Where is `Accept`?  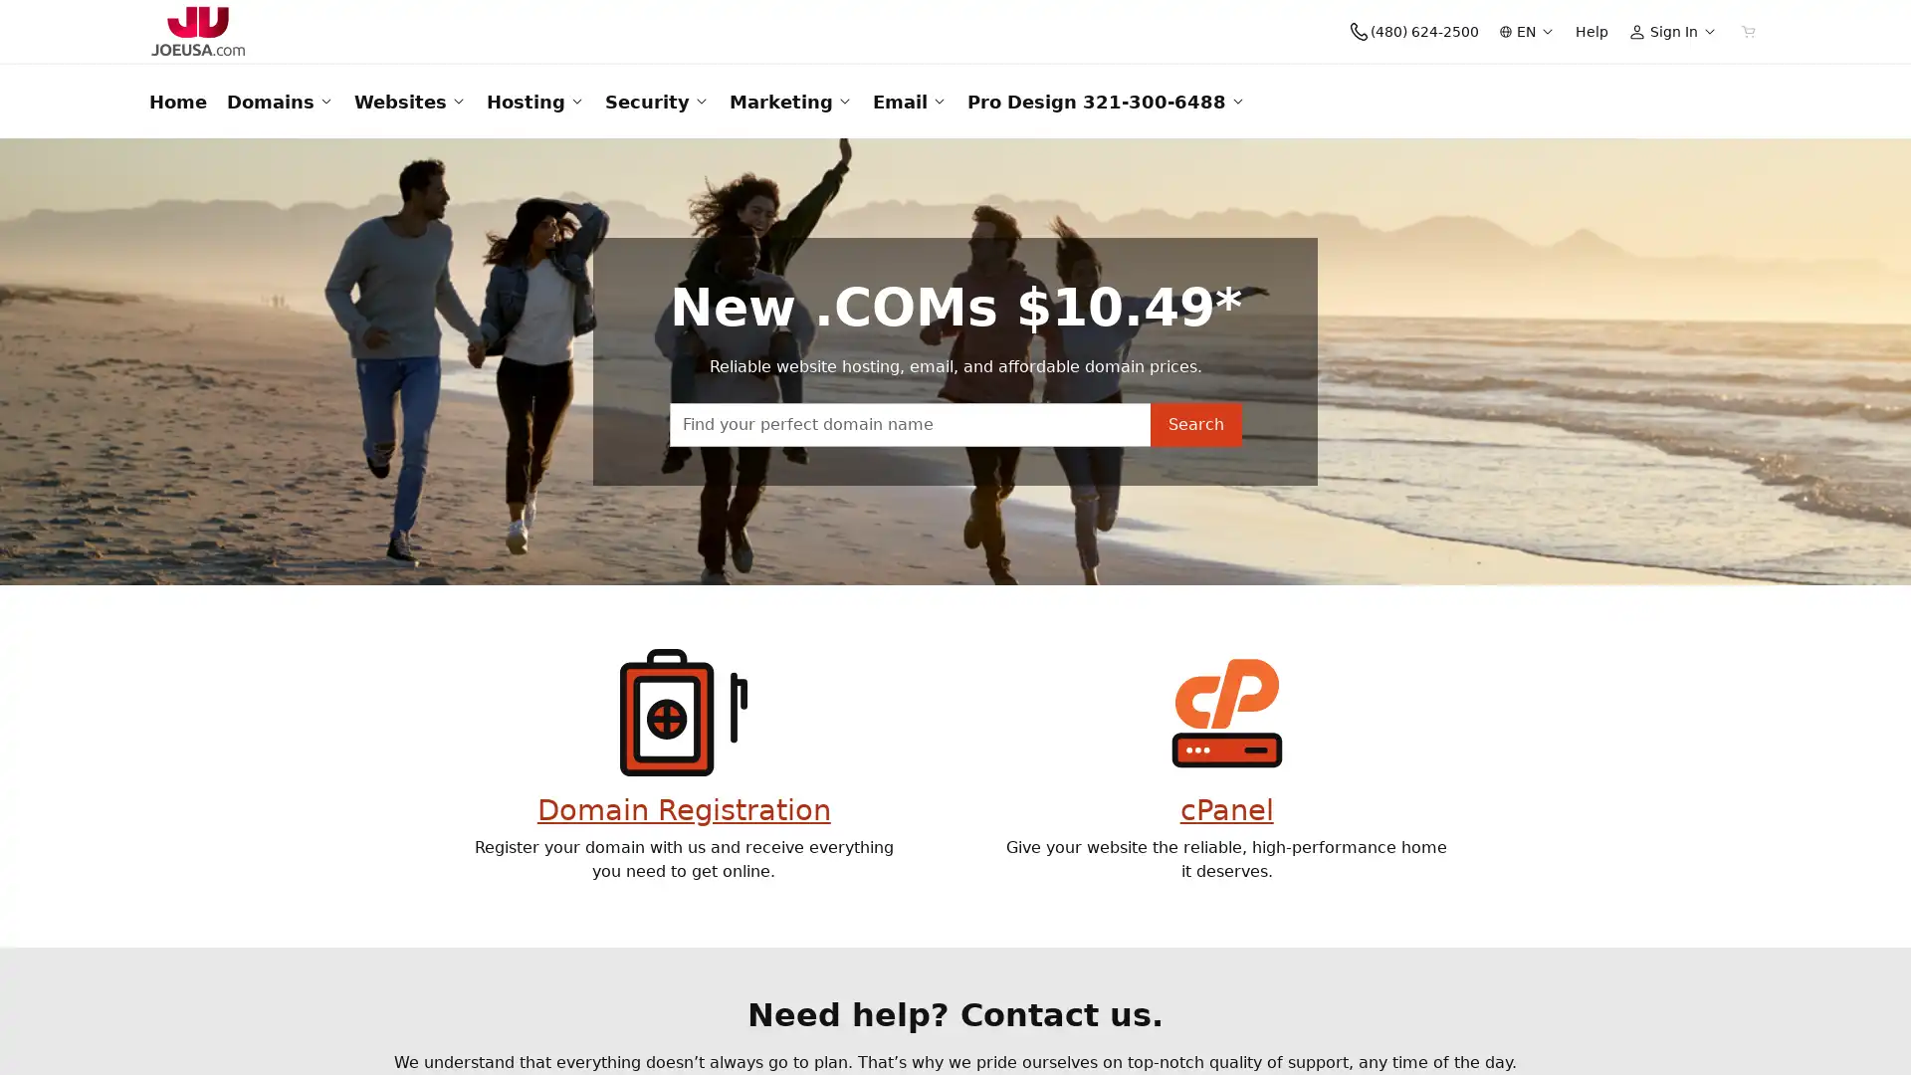
Accept is located at coordinates (1421, 1028).